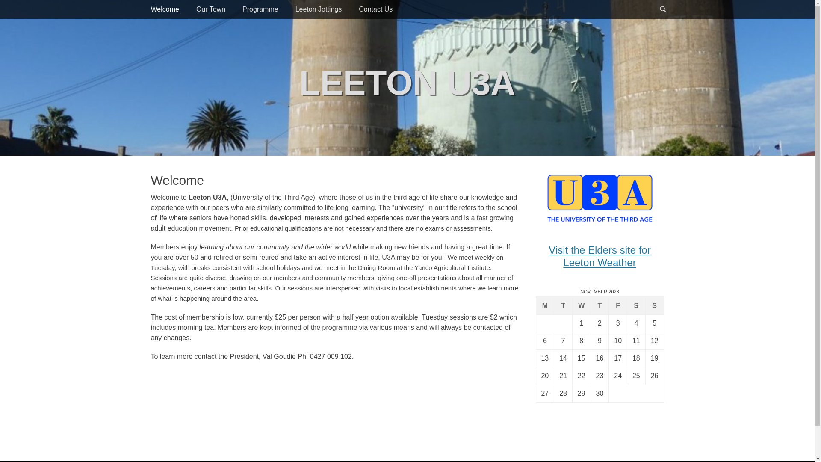  What do you see at coordinates (211, 9) in the screenshot?
I see `'Our Town'` at bounding box center [211, 9].